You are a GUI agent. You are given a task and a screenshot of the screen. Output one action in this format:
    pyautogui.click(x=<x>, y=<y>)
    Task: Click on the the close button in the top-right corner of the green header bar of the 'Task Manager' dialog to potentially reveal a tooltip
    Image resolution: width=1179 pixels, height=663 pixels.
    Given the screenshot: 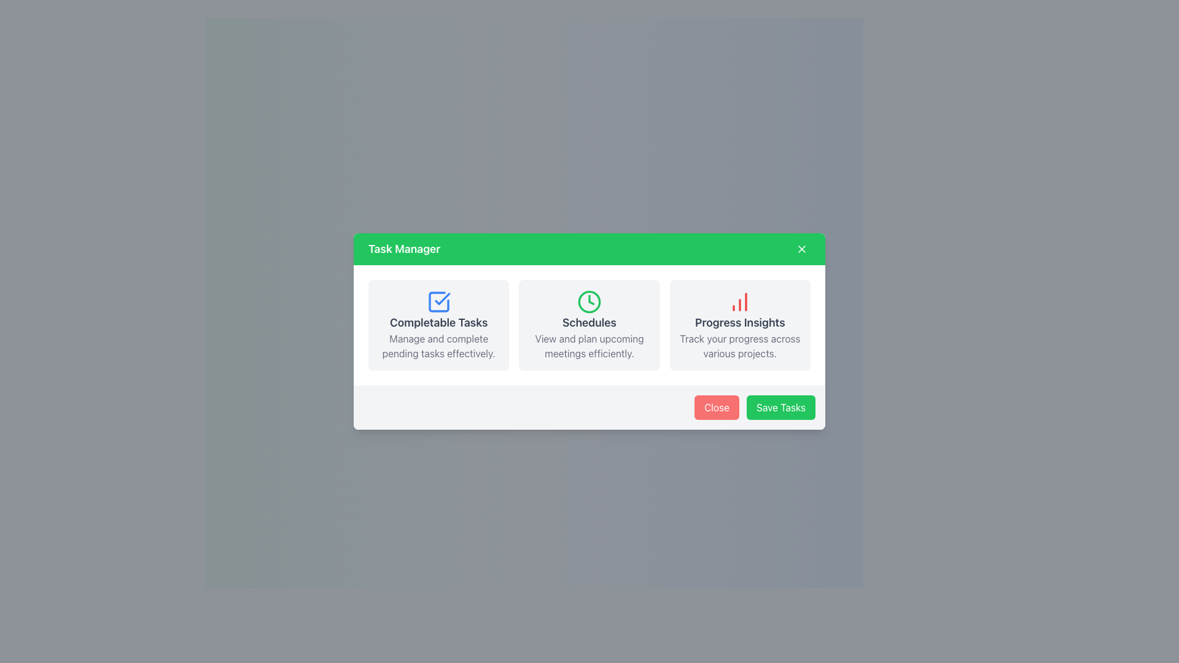 What is the action you would take?
    pyautogui.click(x=801, y=249)
    